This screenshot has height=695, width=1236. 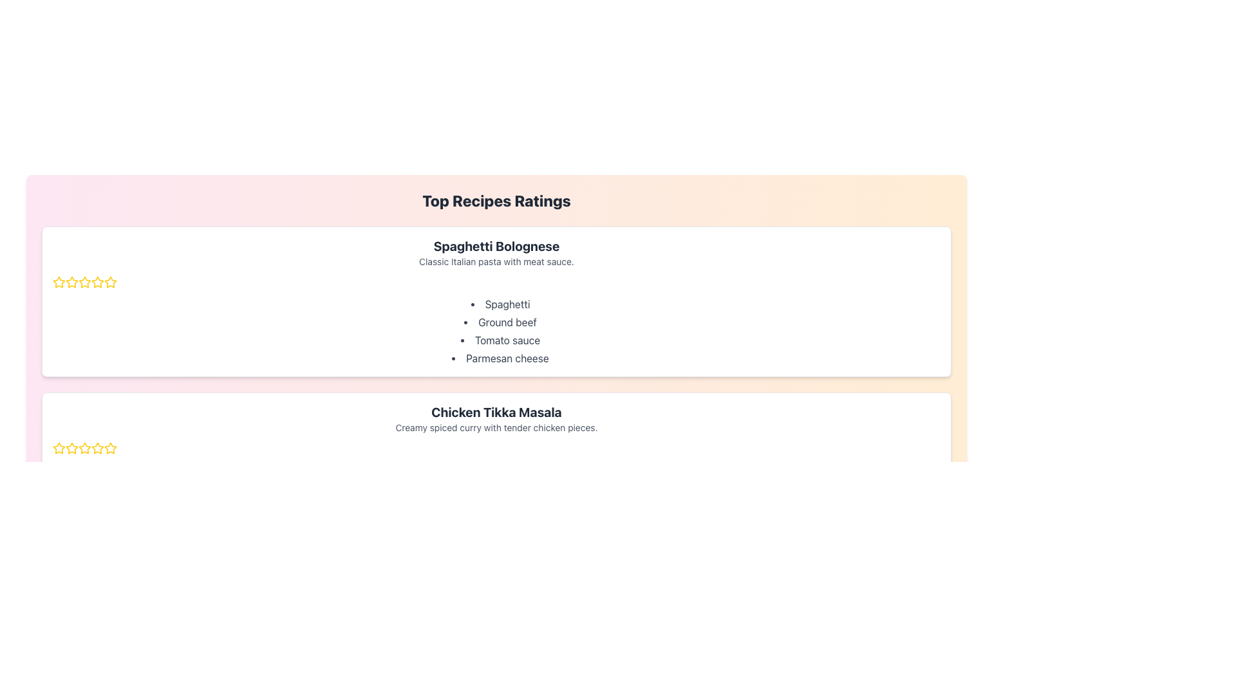 I want to click on the fourth golden star-shaped rating icon under the 'Chicken Tikka Masala' section, so click(x=111, y=447).